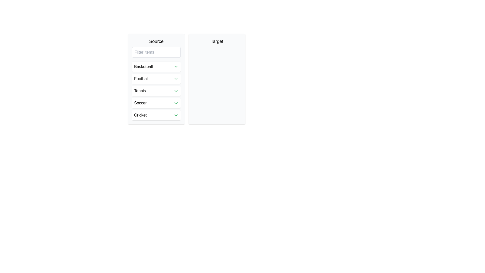 The width and height of the screenshot is (485, 273). What do you see at coordinates (156, 66) in the screenshot?
I see `the 'Basketball' dropdown trigger located in the 'Source' section` at bounding box center [156, 66].